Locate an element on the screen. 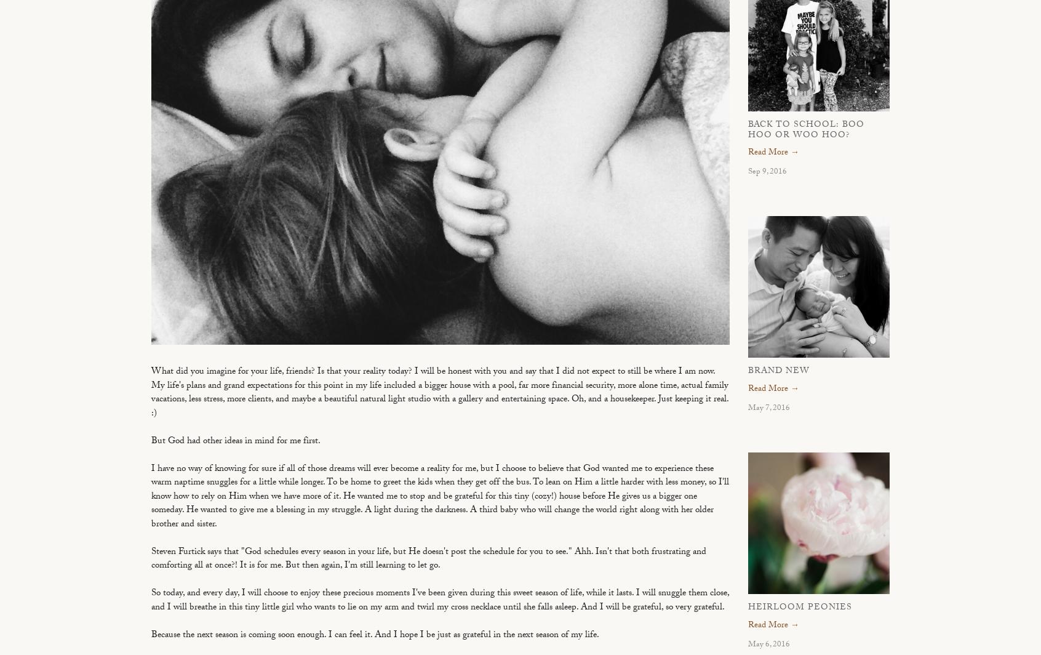 Image resolution: width=1041 pixels, height=655 pixels. 'Back to School: Boo Hoo or Woo Hoo?' is located at coordinates (805, 130).